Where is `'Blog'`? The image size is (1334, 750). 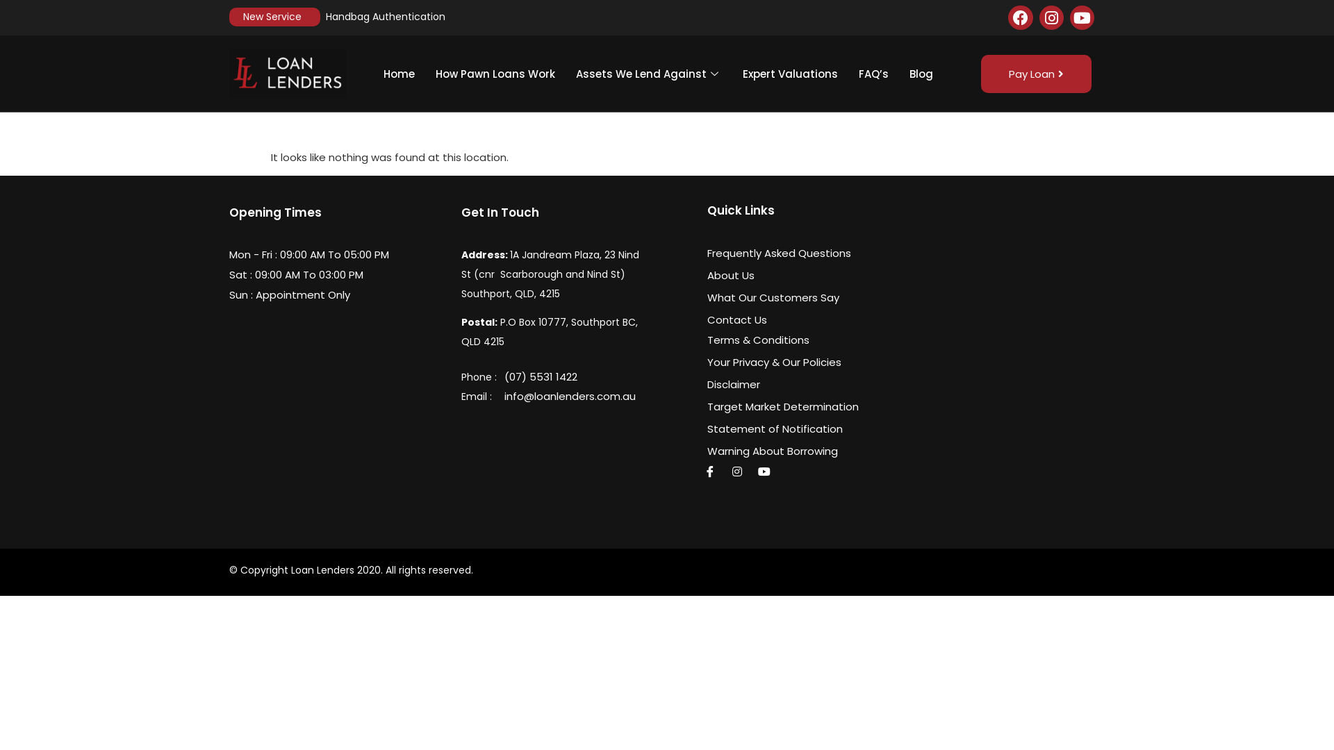
'Blog' is located at coordinates (899, 73).